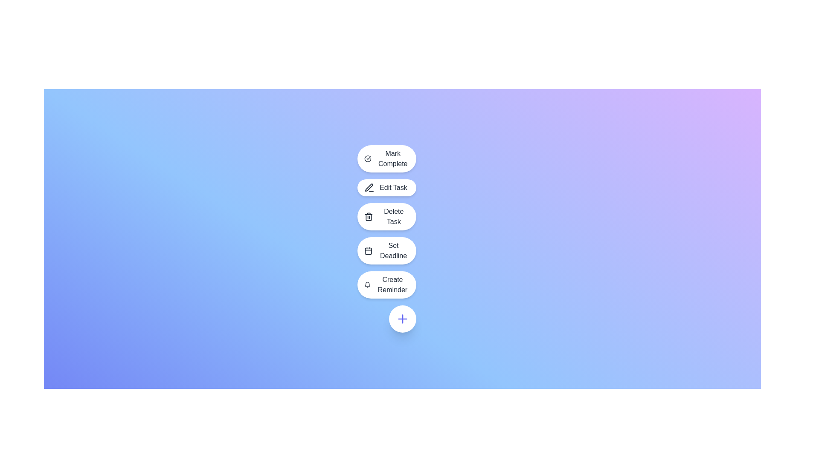  What do you see at coordinates (368, 250) in the screenshot?
I see `the 'Set Deadline' button which contains a calendar icon on the left side` at bounding box center [368, 250].